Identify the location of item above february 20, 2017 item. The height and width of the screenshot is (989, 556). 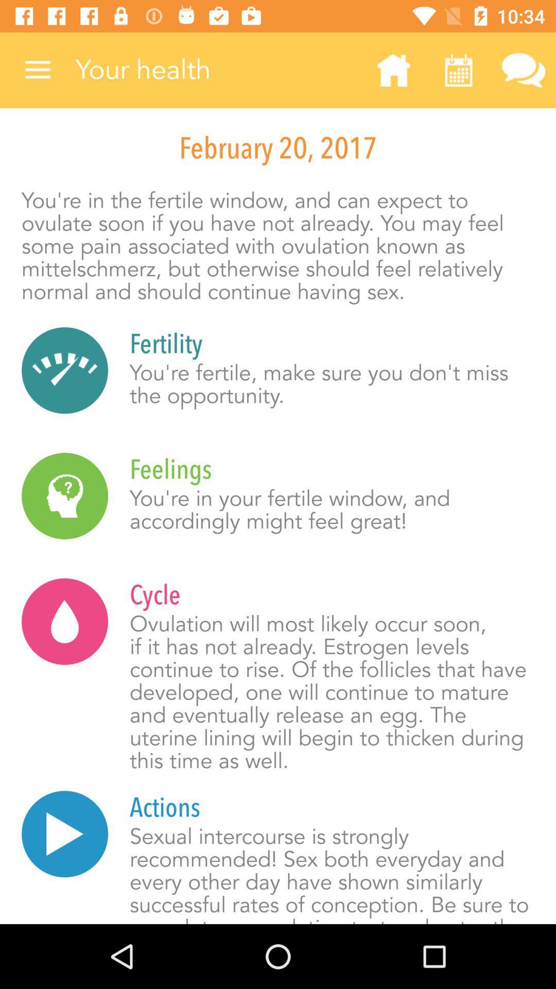
(37, 70).